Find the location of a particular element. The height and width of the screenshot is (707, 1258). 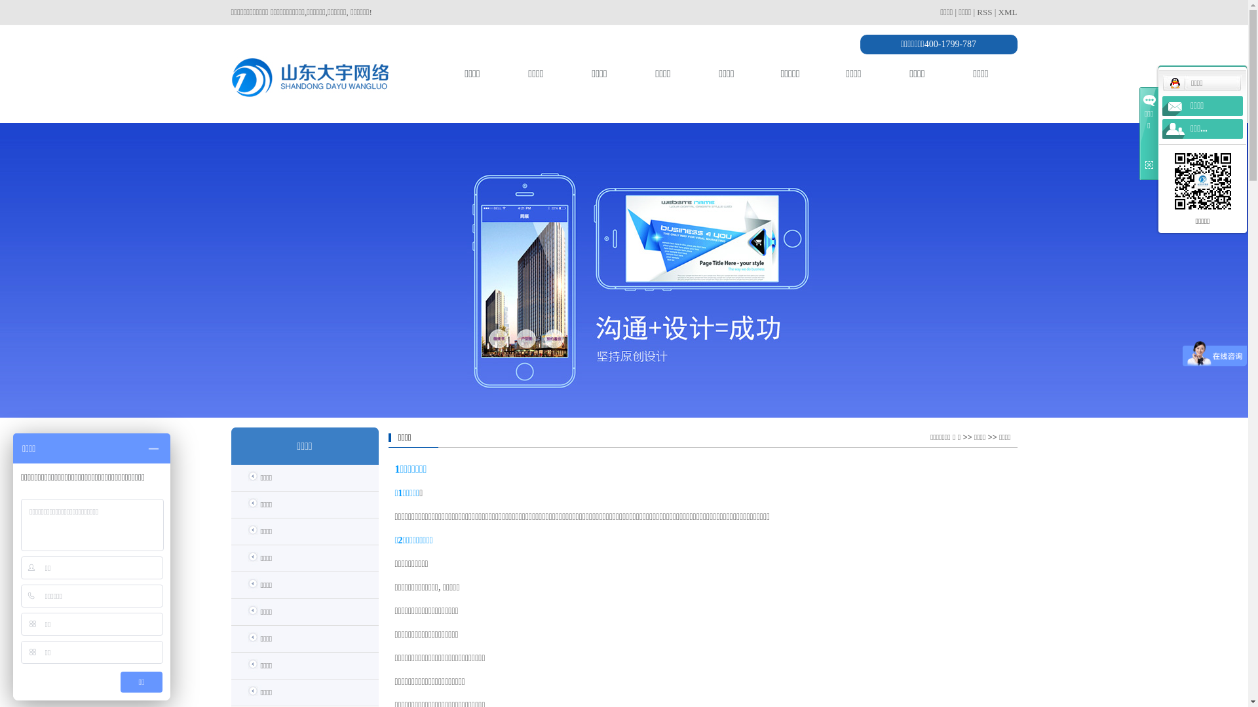

'XML' is located at coordinates (1007, 12).